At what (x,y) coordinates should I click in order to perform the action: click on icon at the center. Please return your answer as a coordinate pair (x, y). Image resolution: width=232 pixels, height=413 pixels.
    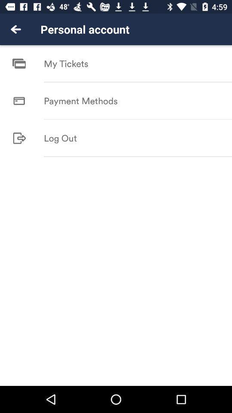
    Looking at the image, I should click on (138, 156).